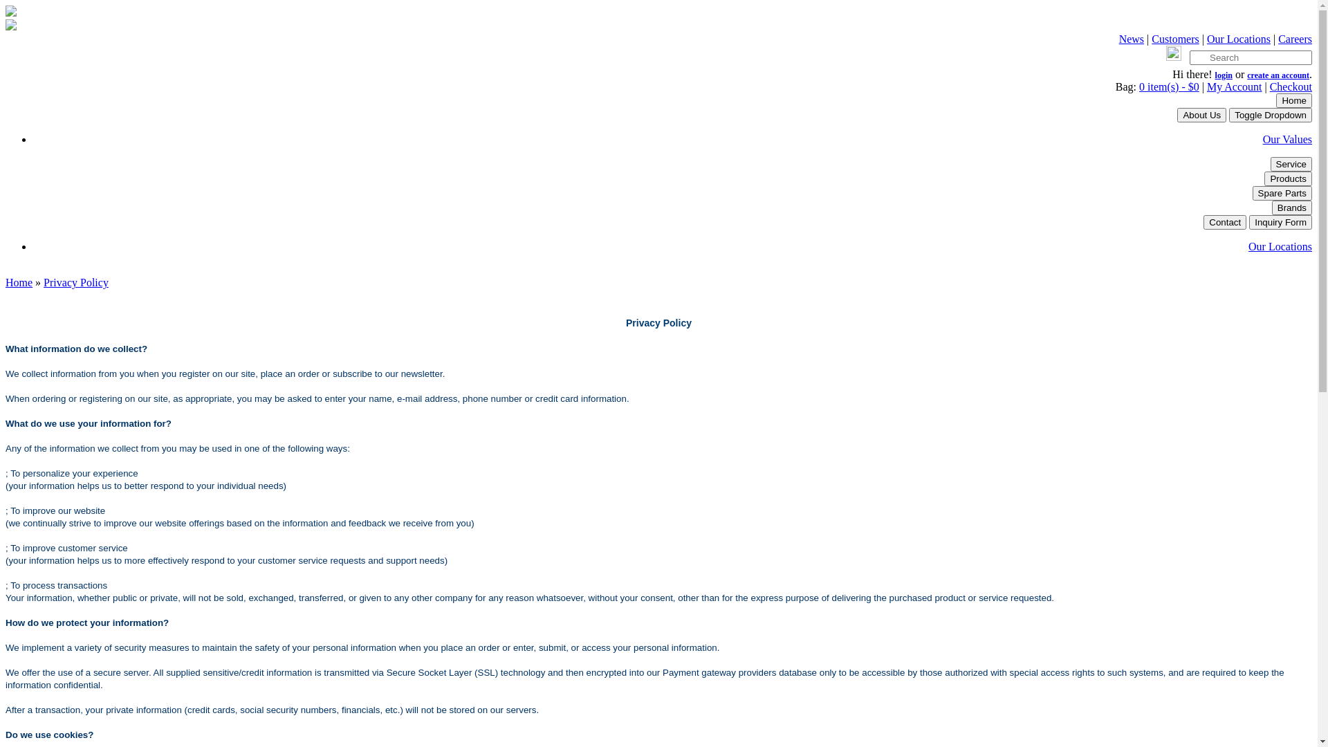  What do you see at coordinates (1280, 221) in the screenshot?
I see `'Inquiry Form'` at bounding box center [1280, 221].